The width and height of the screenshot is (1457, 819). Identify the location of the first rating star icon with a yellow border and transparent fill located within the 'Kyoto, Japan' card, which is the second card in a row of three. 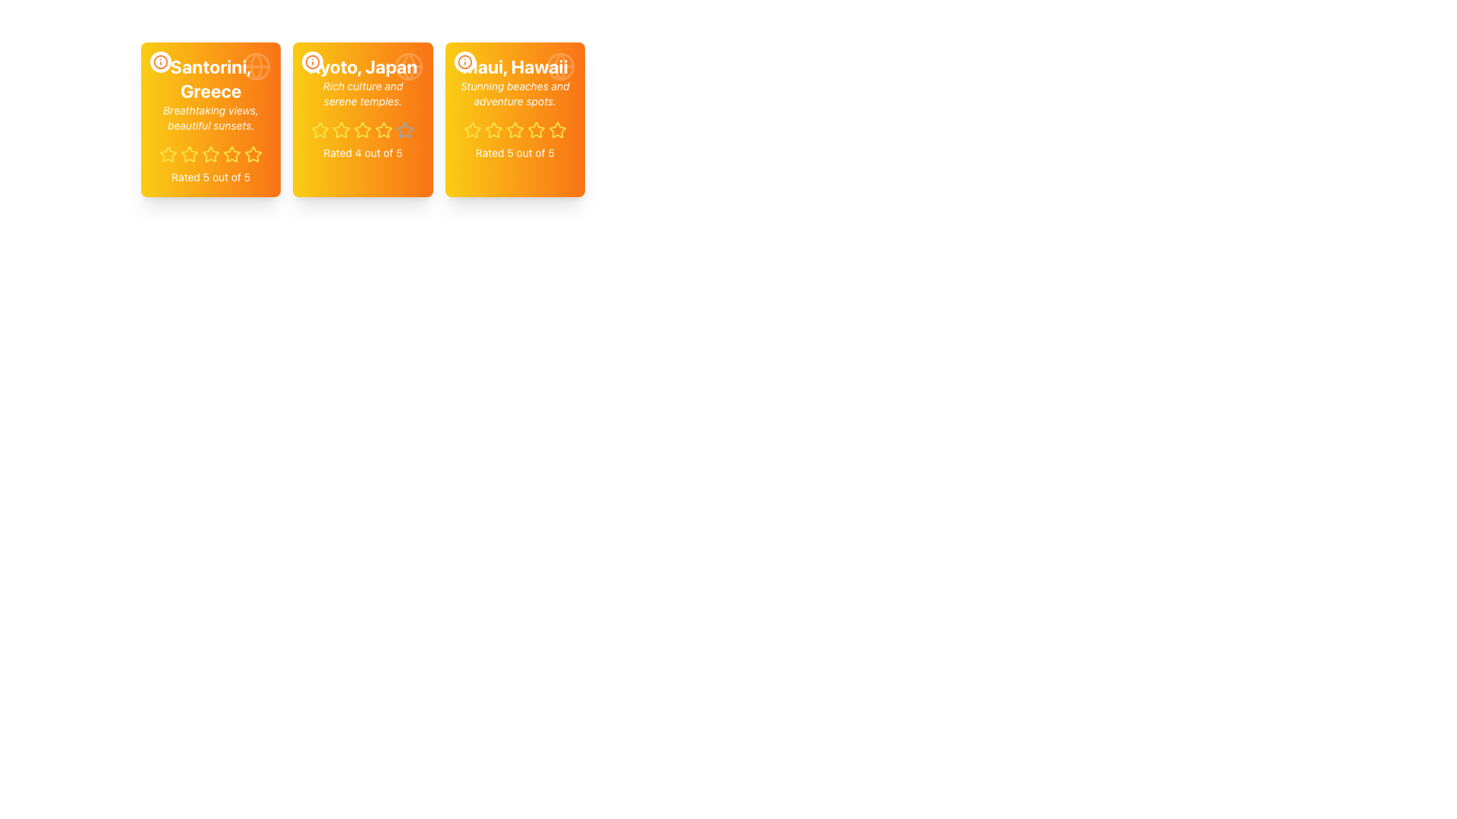
(319, 130).